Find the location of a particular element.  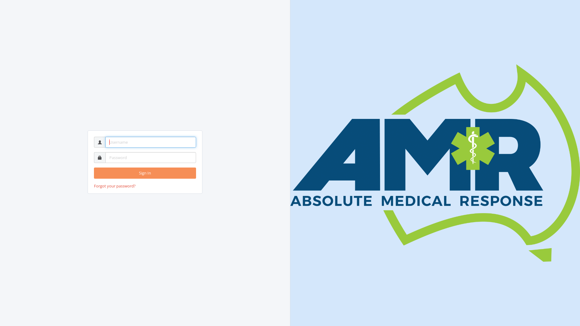

'Forgot your password?' is located at coordinates (114, 186).